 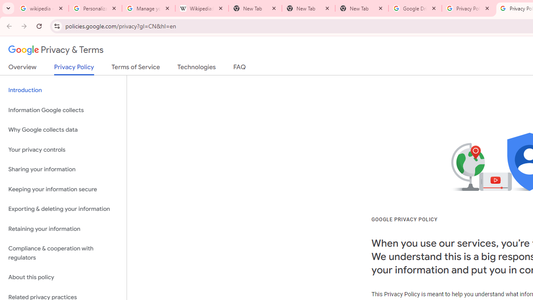 What do you see at coordinates (202, 8) in the screenshot?
I see `'Wikipedia:Edit requests - Wikipedia'` at bounding box center [202, 8].